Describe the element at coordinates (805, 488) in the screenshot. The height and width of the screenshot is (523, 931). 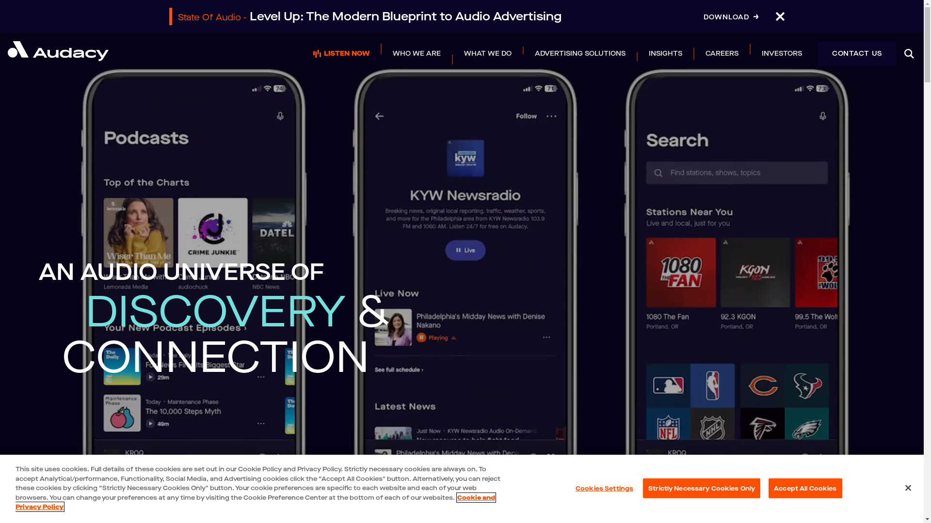
I see `'Accept All Cookies'` at that location.